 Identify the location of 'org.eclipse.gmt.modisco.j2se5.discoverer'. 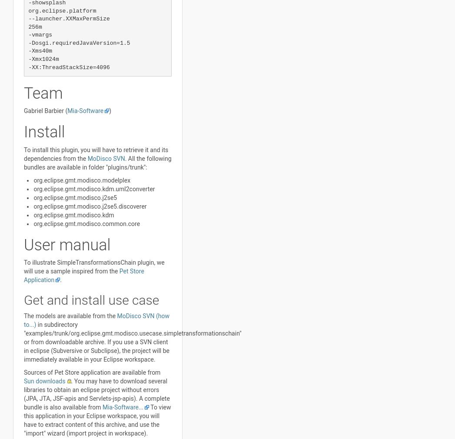
(89, 206).